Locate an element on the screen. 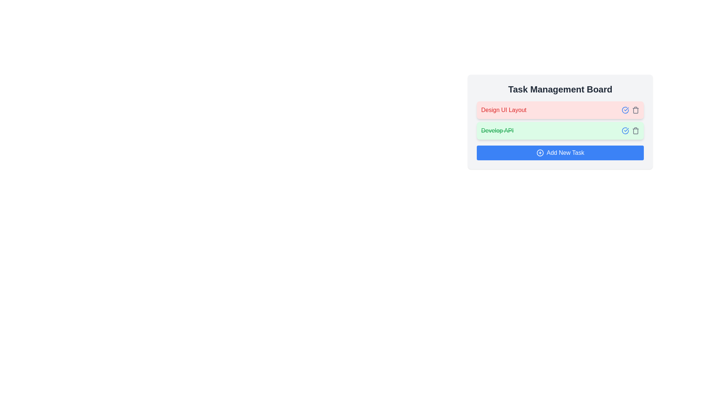 Image resolution: width=708 pixels, height=398 pixels. the title label located on the top-left corner of a rectangular card with a red background in the Task Management Board interface is located at coordinates (503, 110).